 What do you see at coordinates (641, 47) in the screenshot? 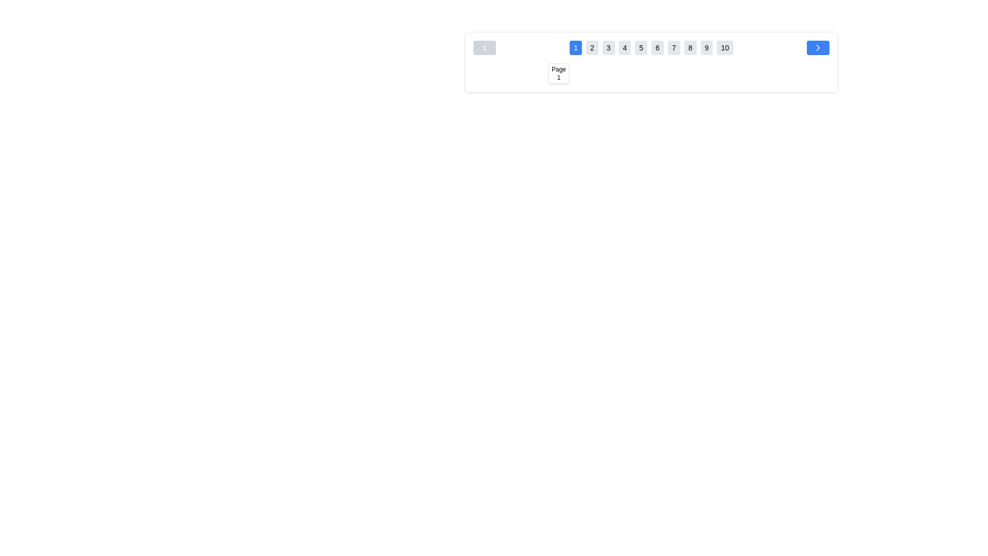
I see `the button labeled '5' in the pagination control` at bounding box center [641, 47].